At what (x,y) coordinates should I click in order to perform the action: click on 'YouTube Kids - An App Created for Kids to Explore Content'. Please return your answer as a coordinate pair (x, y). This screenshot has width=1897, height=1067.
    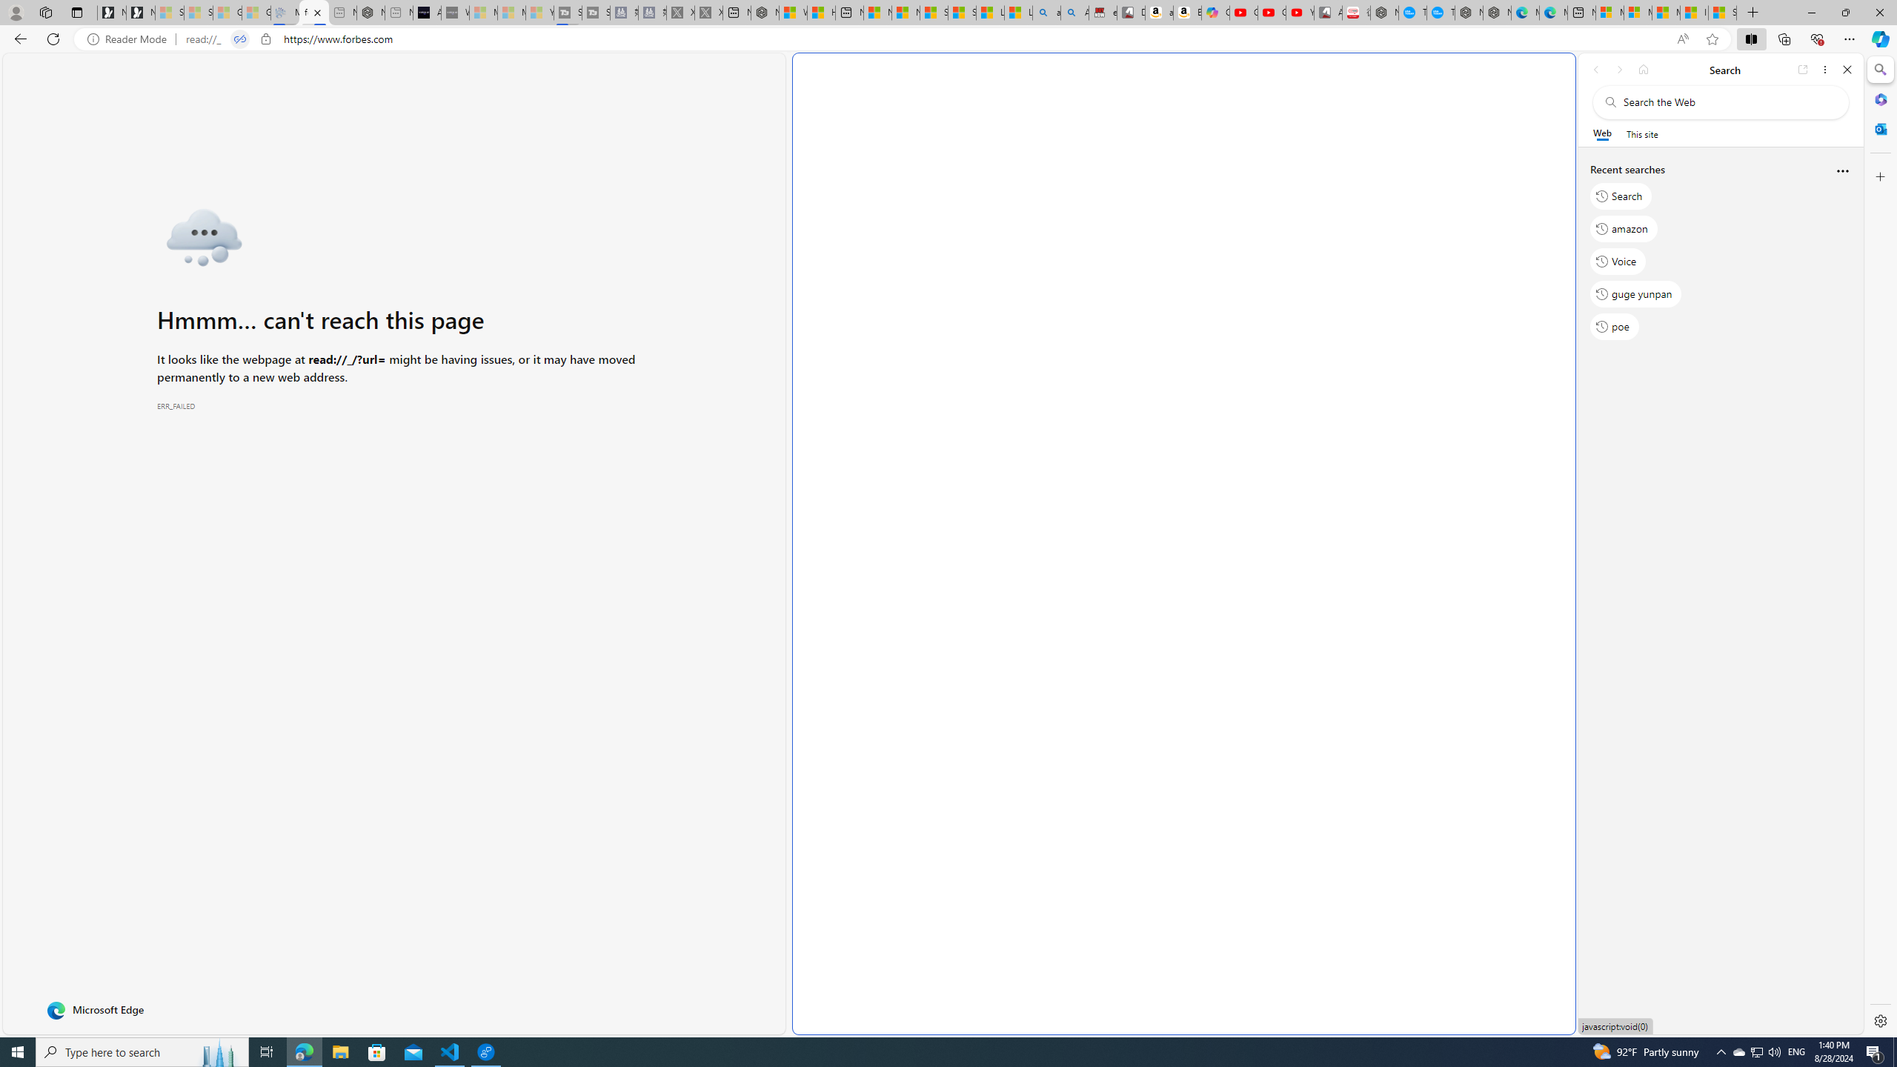
    Looking at the image, I should click on (1299, 12).